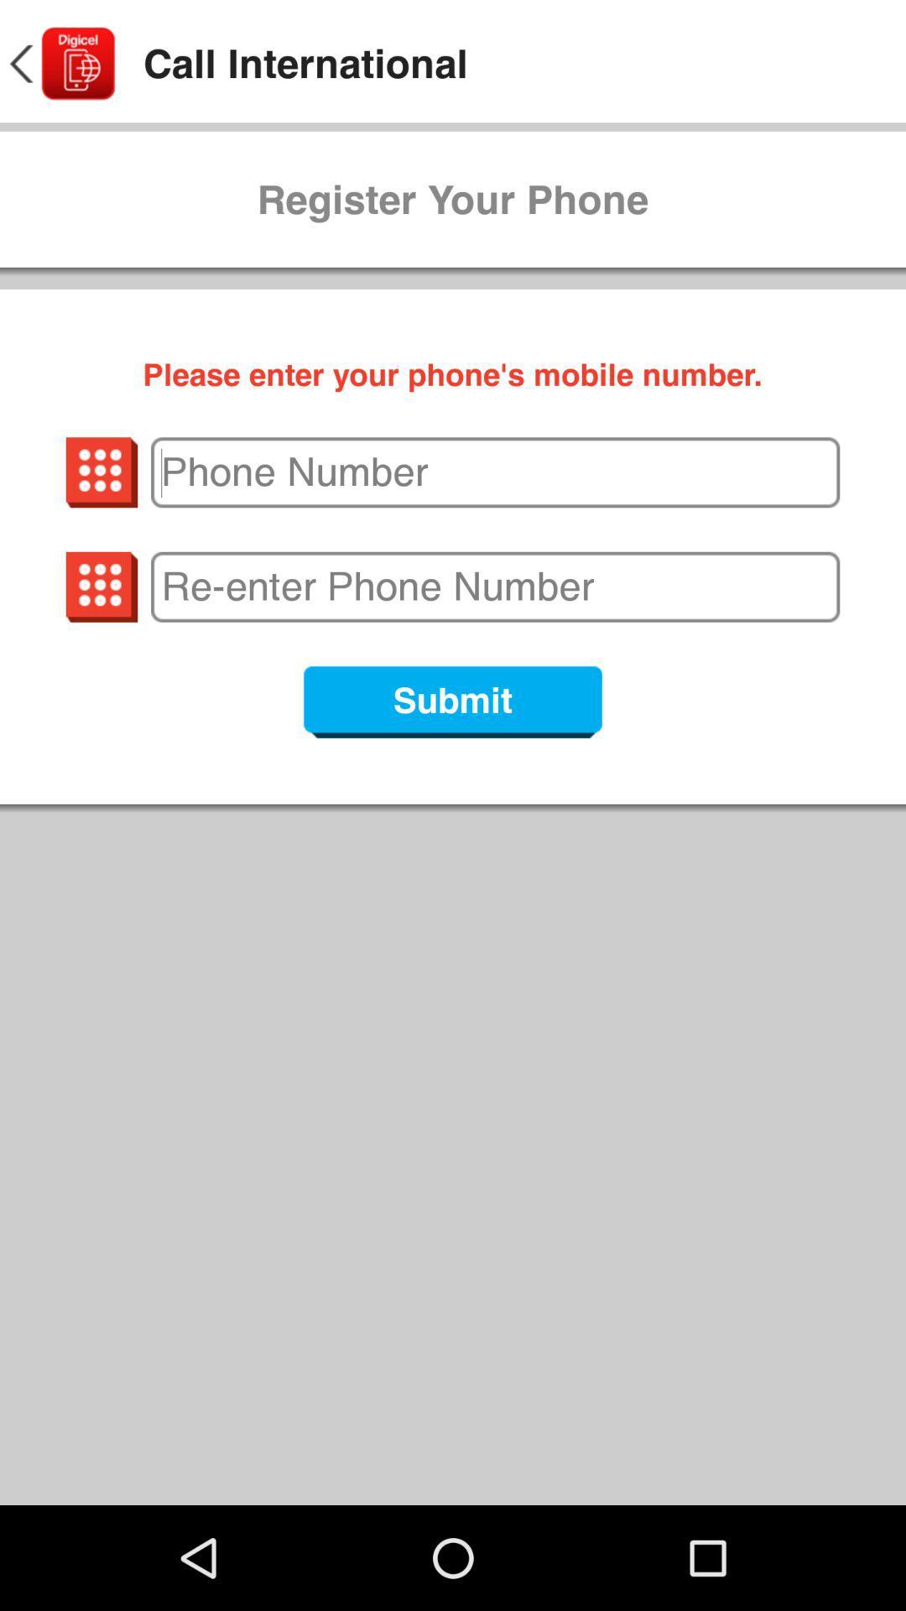 This screenshot has height=1611, width=906. I want to click on submit icon, so click(453, 701).